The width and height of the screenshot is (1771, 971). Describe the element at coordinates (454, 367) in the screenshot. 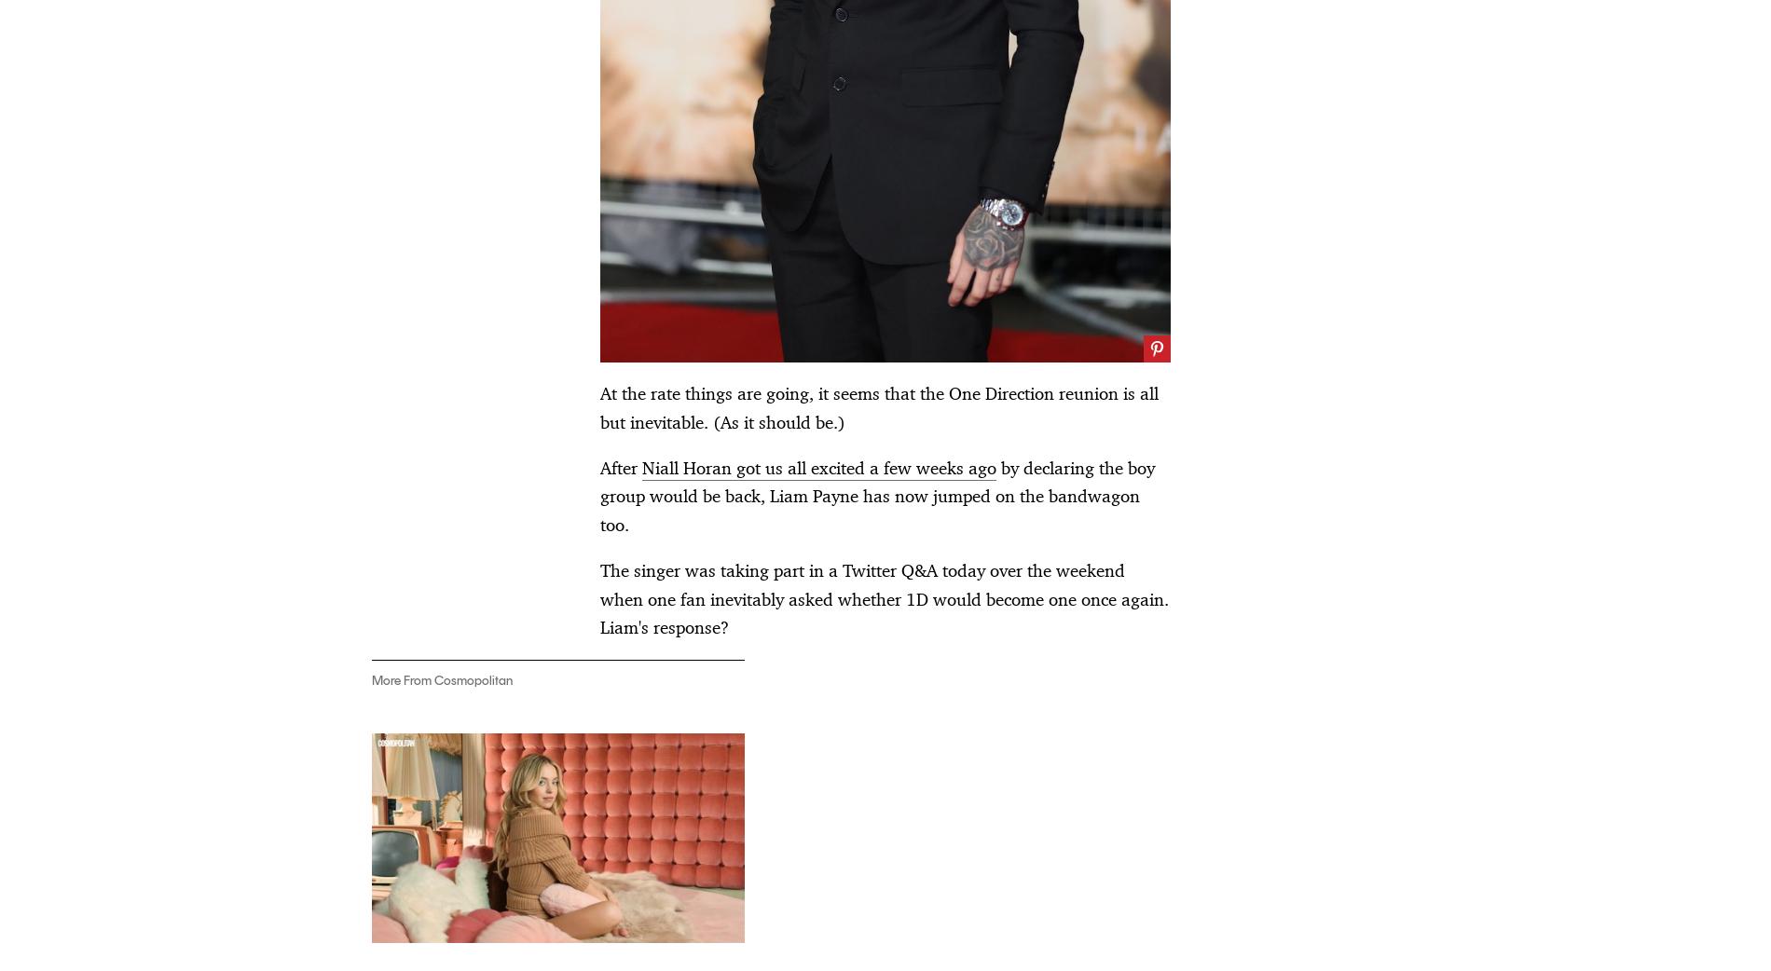

I see `'North West Told Kendall Kim Hated Her Outfit 😂'` at that location.